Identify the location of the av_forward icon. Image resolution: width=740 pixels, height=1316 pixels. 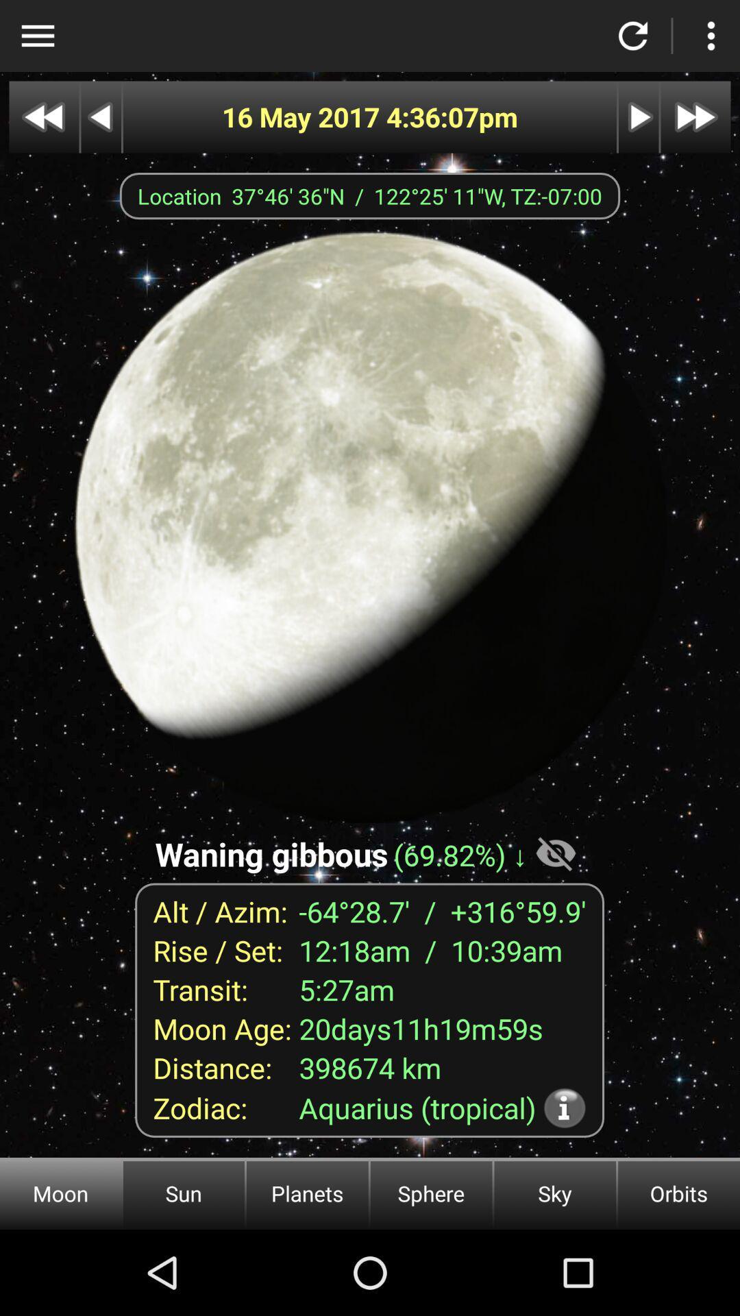
(695, 117).